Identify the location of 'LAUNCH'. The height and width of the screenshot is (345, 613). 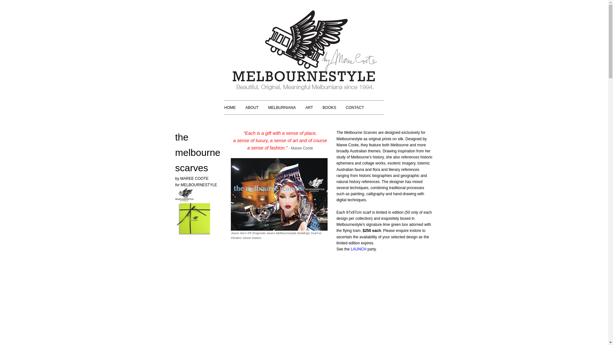
(358, 249).